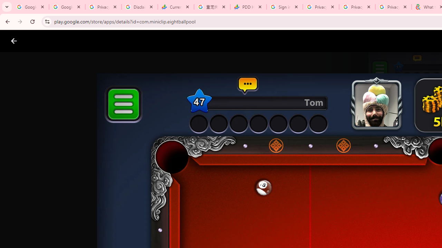  What do you see at coordinates (357, 7) in the screenshot?
I see `'Privacy Checkup'` at bounding box center [357, 7].